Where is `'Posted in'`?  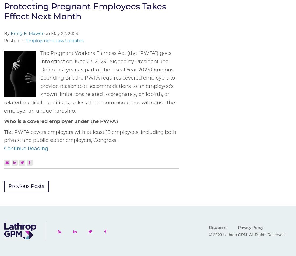
'Posted in' is located at coordinates (15, 41).